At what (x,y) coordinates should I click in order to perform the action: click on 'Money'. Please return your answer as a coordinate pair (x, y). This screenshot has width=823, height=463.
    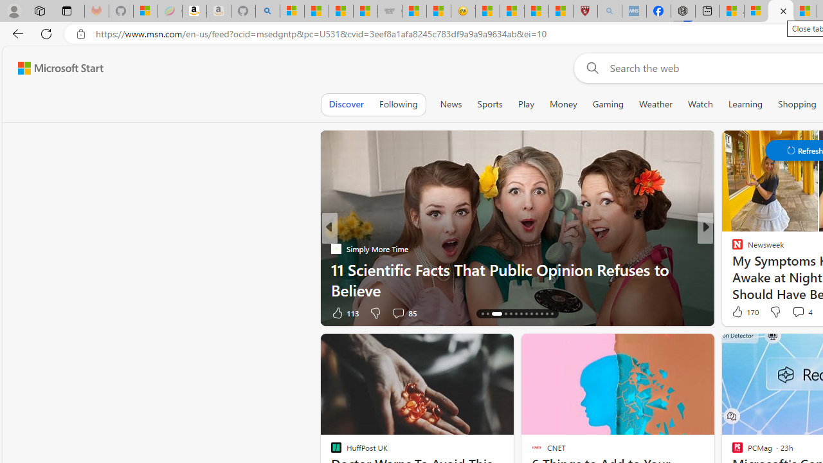
    Looking at the image, I should click on (563, 104).